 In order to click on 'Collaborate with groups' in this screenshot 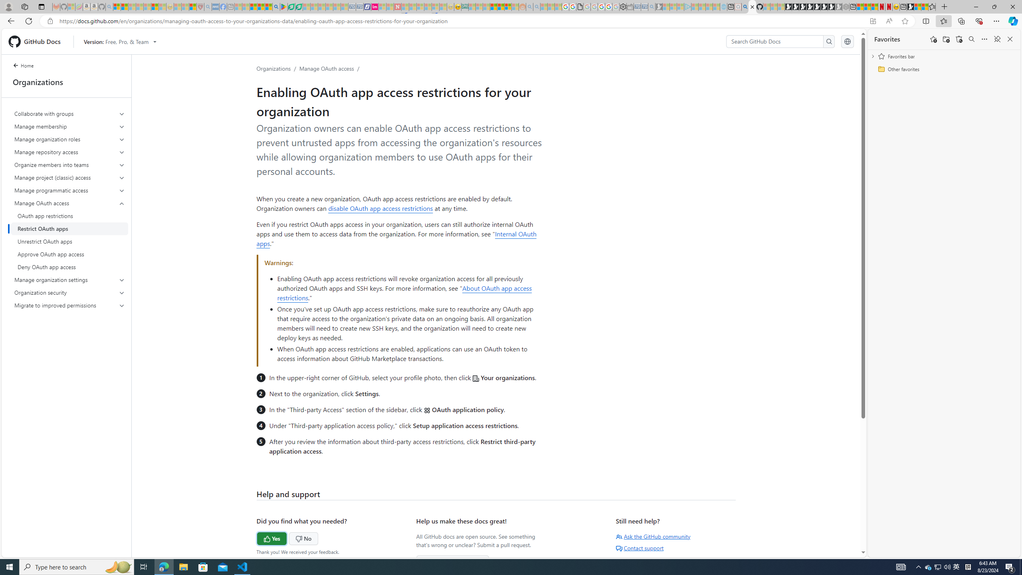, I will do `click(69, 113)`.